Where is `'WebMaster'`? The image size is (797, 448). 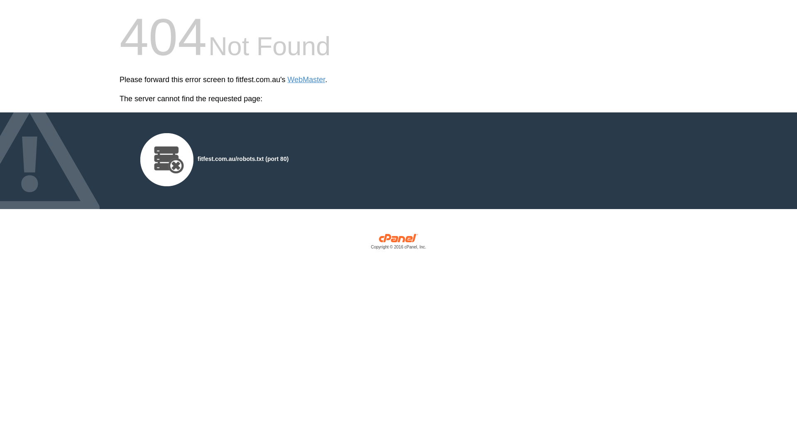
'WebMaster' is located at coordinates (287, 80).